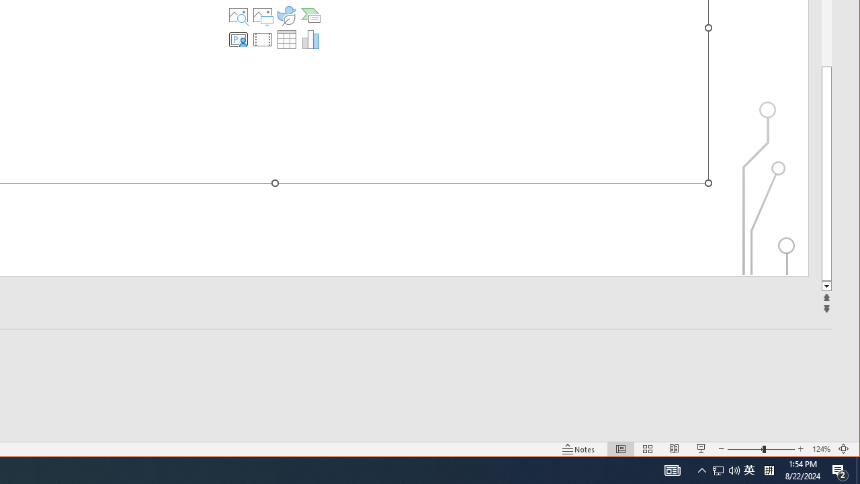  Describe the element at coordinates (578, 449) in the screenshot. I see `'Notes '` at that location.